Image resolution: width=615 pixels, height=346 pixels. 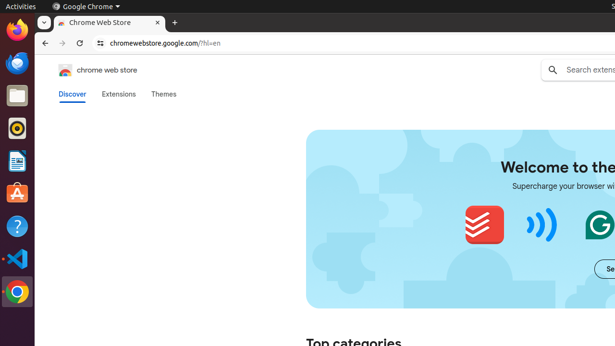 I want to click on 'Google Chrome', so click(x=86, y=6).